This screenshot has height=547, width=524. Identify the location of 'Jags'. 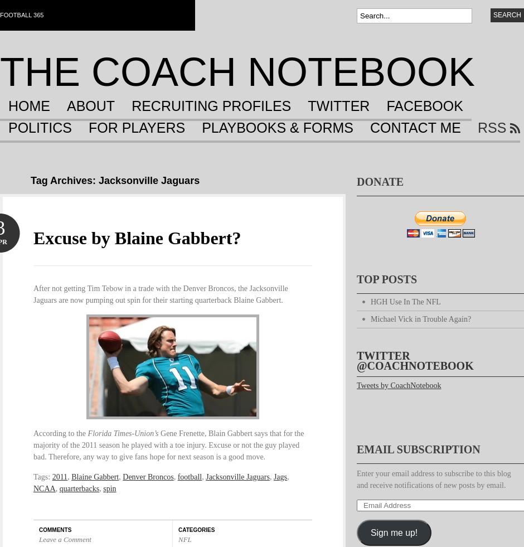
(280, 477).